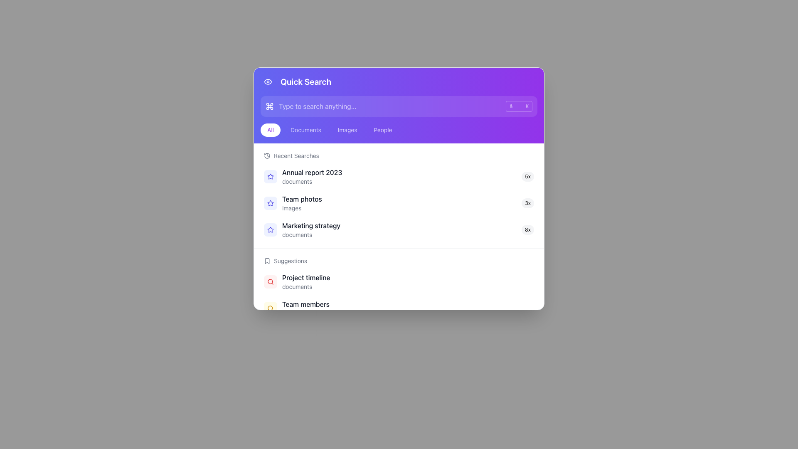  Describe the element at coordinates (399, 300) in the screenshot. I see `the List Section which provides suggestions to the user, located below the 'Recent Searches' section` at that location.